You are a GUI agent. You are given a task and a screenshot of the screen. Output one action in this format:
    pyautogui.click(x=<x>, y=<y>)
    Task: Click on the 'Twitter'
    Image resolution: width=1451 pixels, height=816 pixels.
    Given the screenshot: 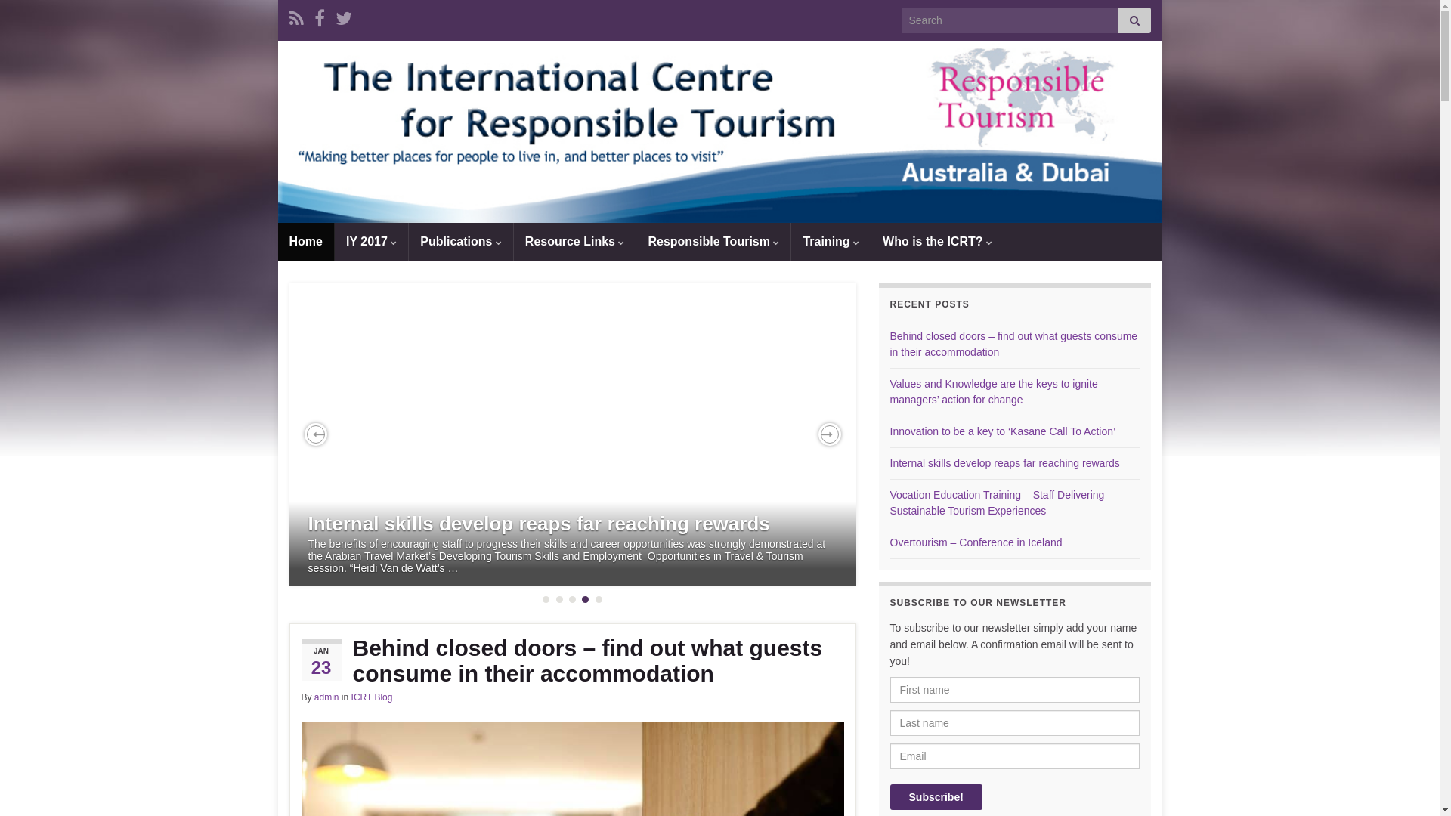 What is the action you would take?
    pyautogui.click(x=343, y=16)
    